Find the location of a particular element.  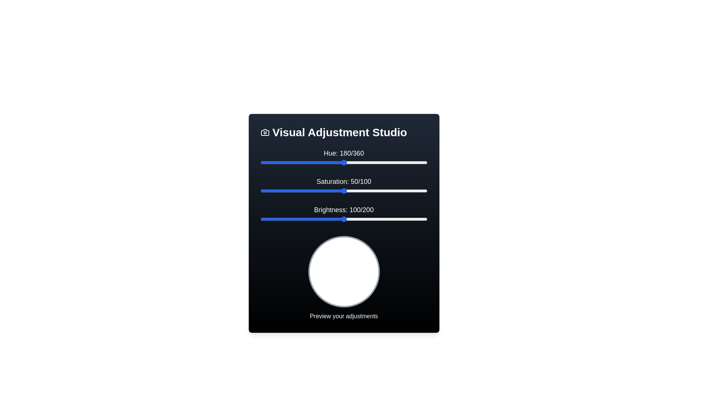

the 'Brightness' slider to 107 value is located at coordinates (349, 219).